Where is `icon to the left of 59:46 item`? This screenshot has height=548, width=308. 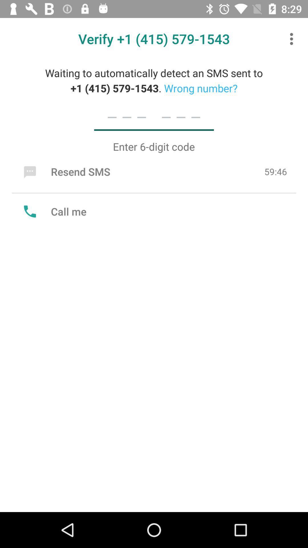 icon to the left of 59:46 item is located at coordinates (65, 171).